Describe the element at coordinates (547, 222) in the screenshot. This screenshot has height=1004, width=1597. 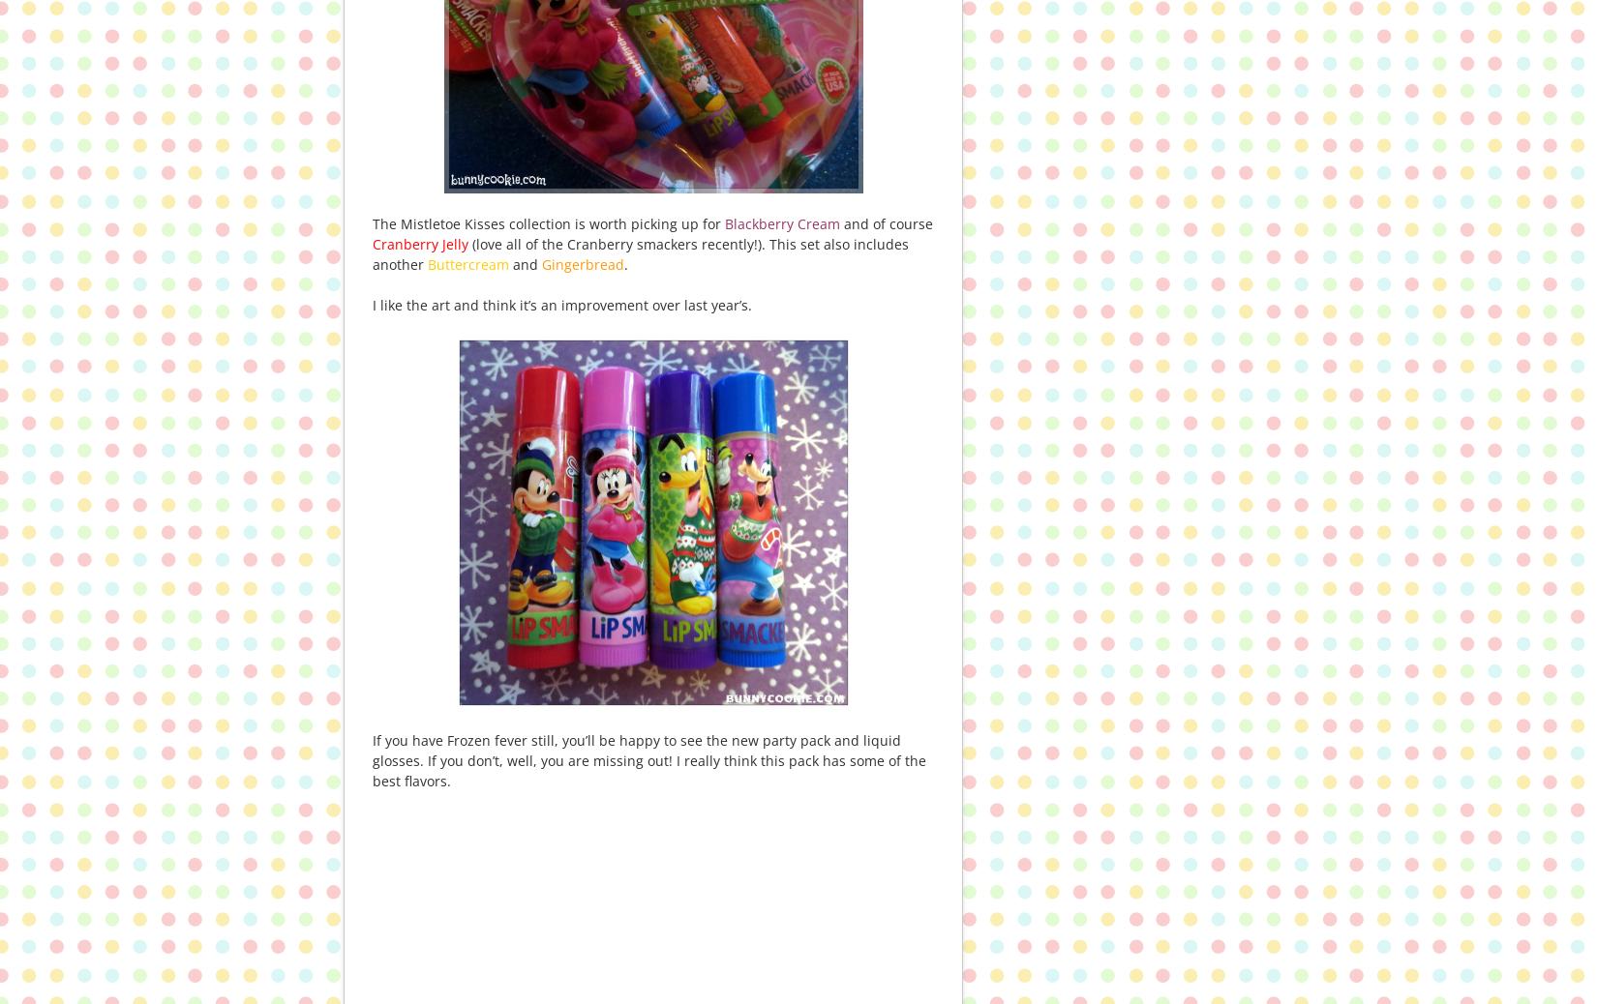
I see `'The Mistletoe Kisses collection is worth picking up for'` at that location.